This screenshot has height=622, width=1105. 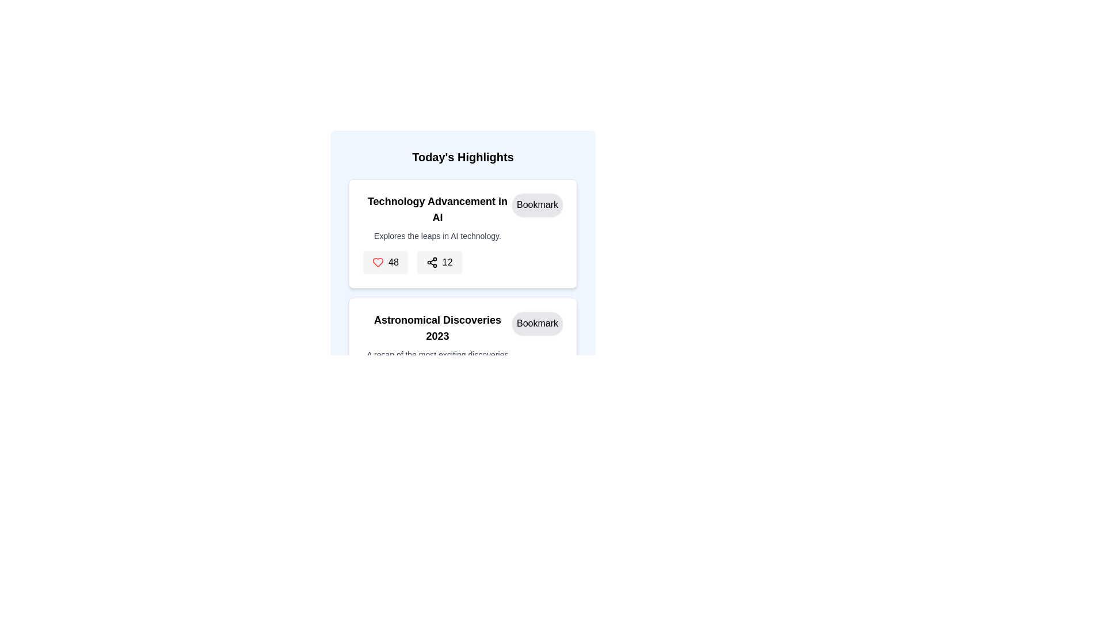 What do you see at coordinates (437, 342) in the screenshot?
I see `the Text display component that contains the title 'Astronomical Discoveries 2023' and the description 'A recap of the most exciting discoveries in astronomy.'` at bounding box center [437, 342].